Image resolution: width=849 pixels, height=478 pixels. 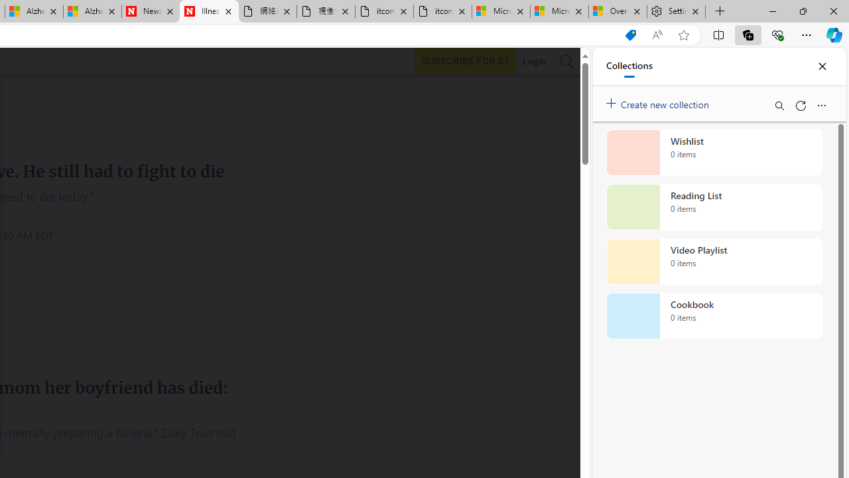 I want to click on 'Create new collection', so click(x=660, y=101).